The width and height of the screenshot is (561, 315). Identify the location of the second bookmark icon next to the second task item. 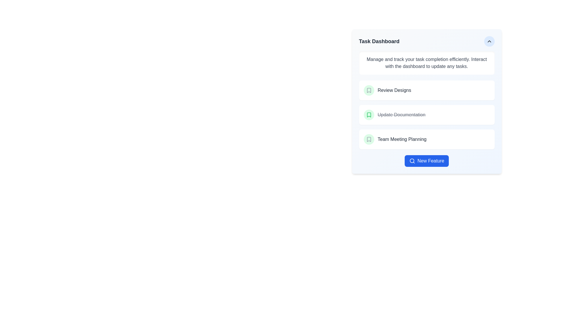
(368, 115).